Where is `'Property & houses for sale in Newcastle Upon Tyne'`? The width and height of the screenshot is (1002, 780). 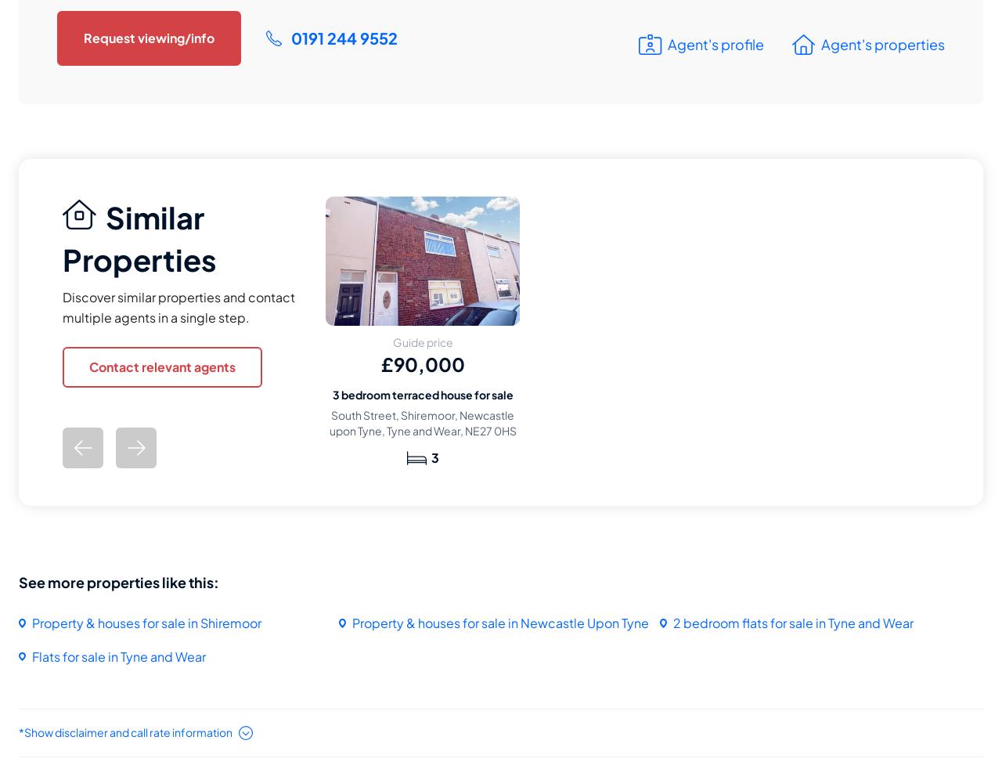 'Property & houses for sale in Newcastle Upon Tyne' is located at coordinates (499, 622).